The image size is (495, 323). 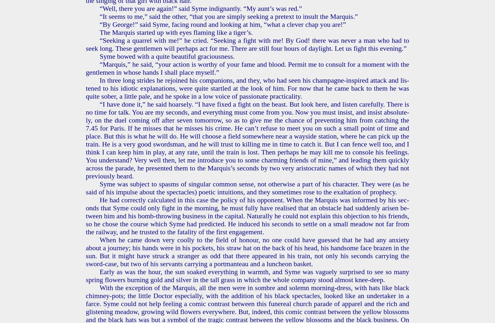 I want to click on 'Syme bowed with a quite beau­ti­ful gra­cious­ness.', so click(x=166, y=56).